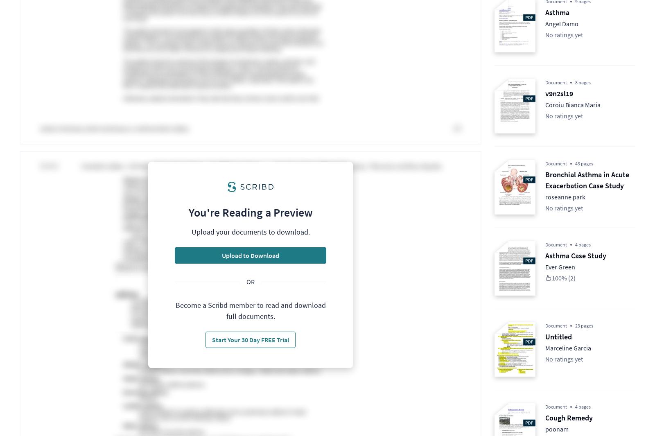 Image resolution: width=655 pixels, height=436 pixels. What do you see at coordinates (569, 418) in the screenshot?
I see `'Cough Remedy'` at bounding box center [569, 418].